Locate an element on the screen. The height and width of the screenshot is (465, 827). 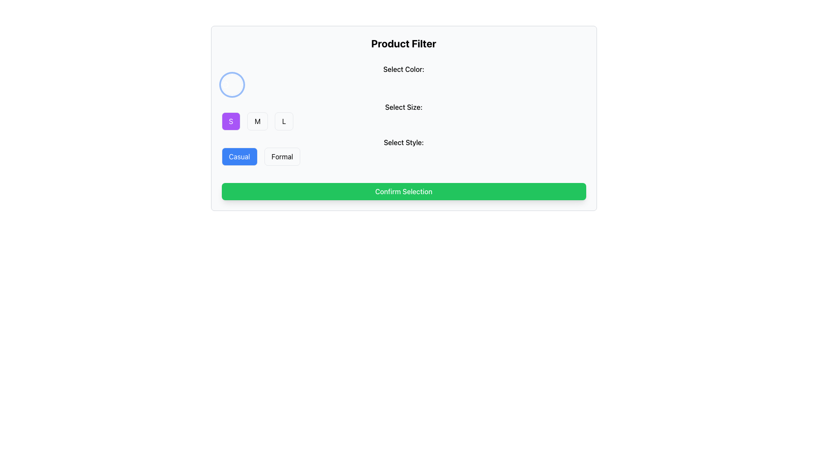
the header text element of the filtering section is located at coordinates (403, 43).